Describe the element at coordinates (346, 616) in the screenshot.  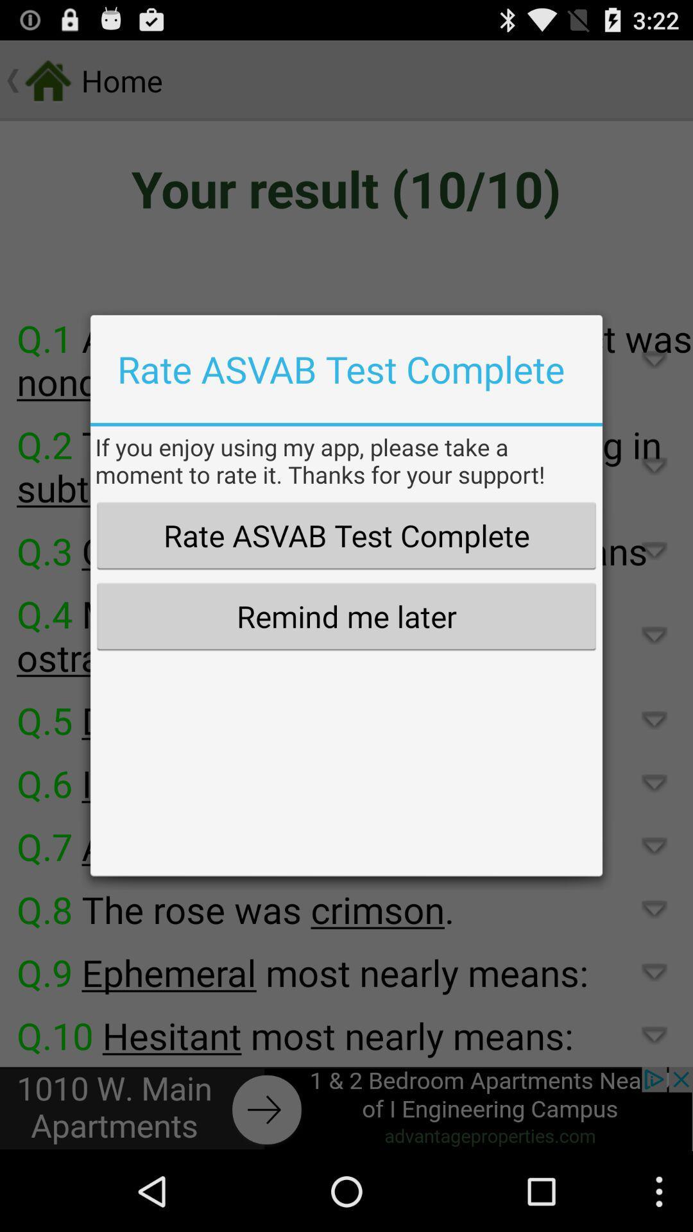
I see `icon below rate asvab test` at that location.